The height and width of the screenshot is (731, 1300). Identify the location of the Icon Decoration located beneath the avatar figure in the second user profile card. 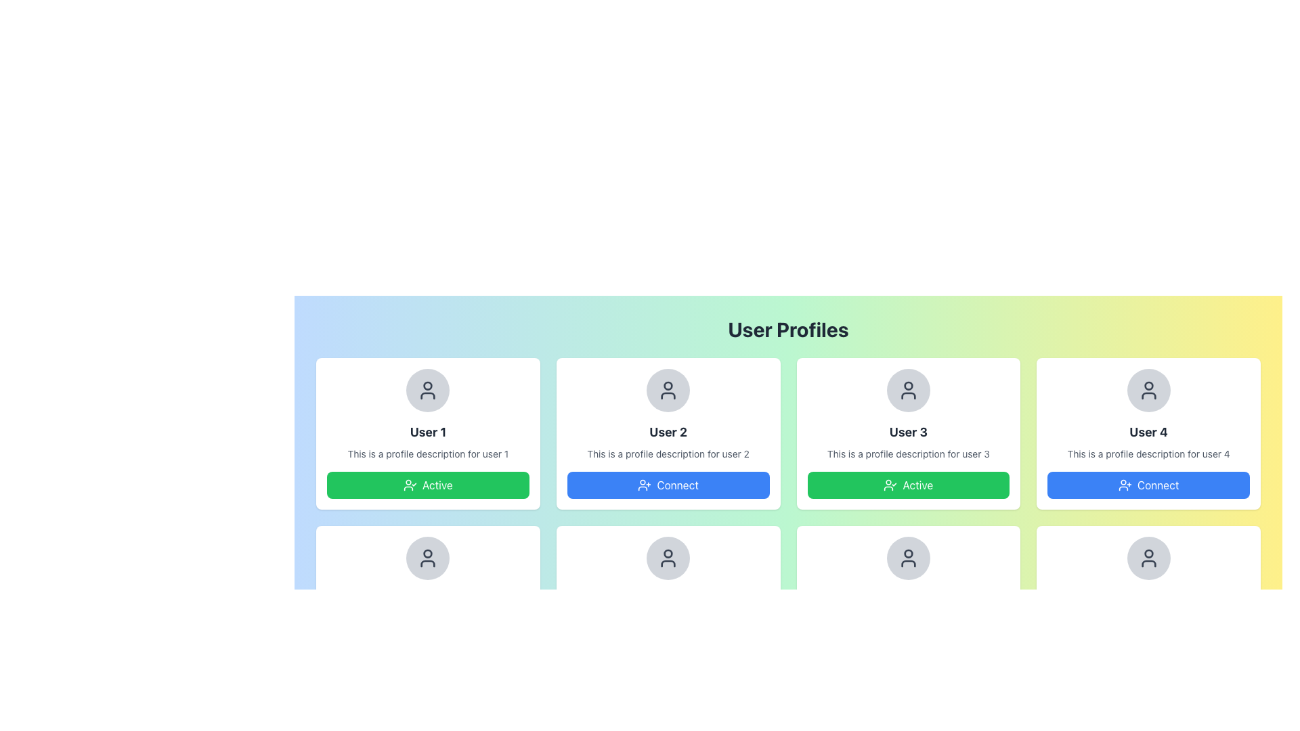
(668, 396).